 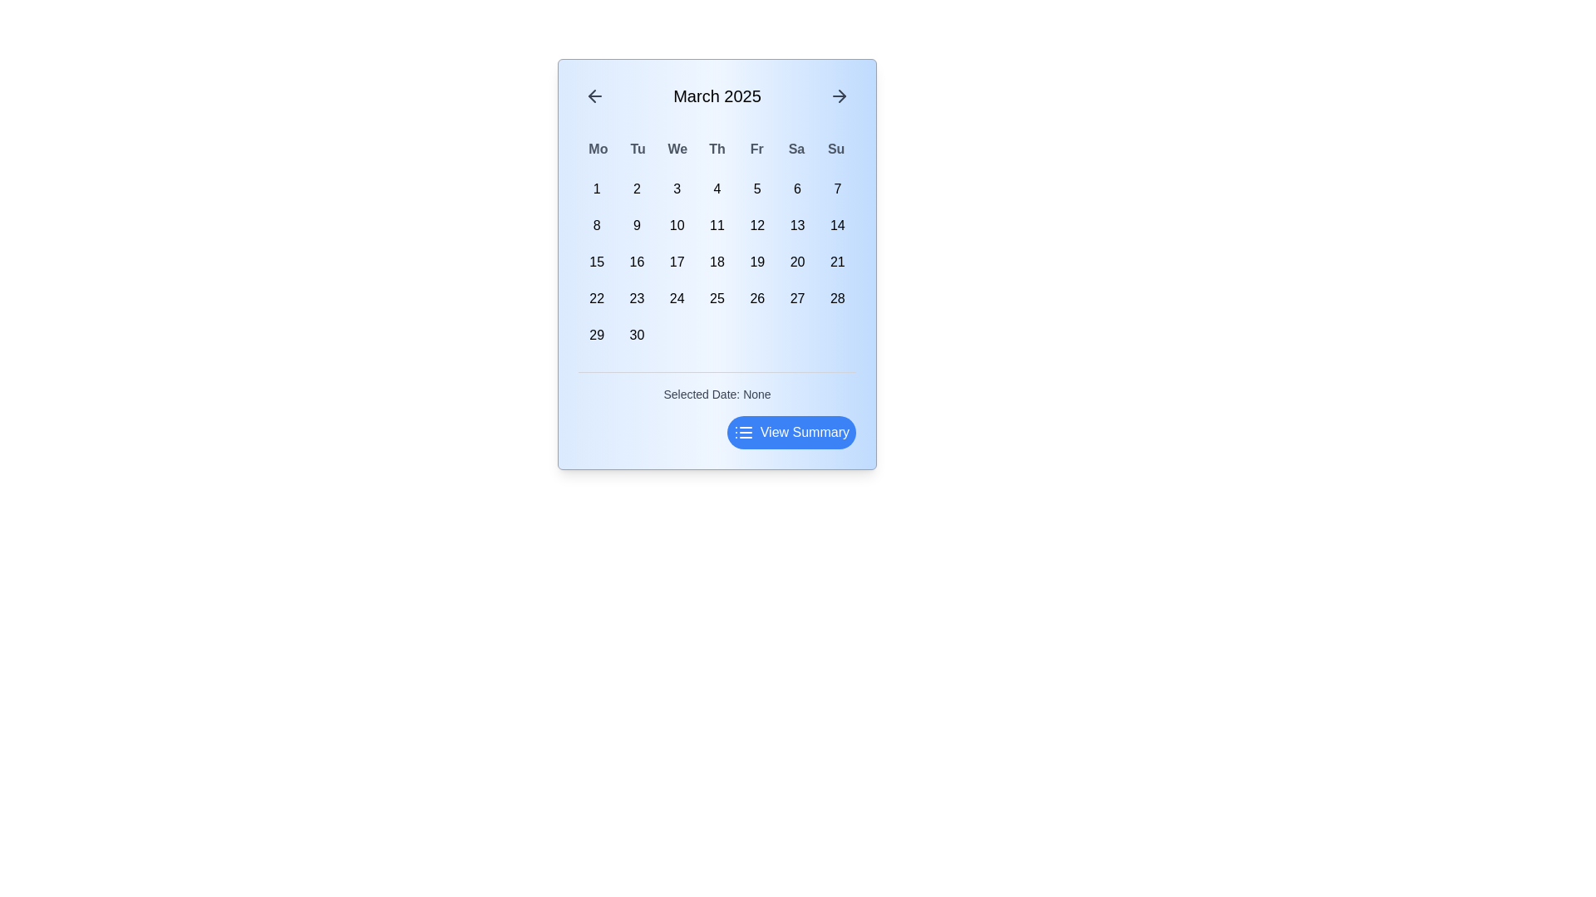 What do you see at coordinates (717, 262) in the screenshot?
I see `a day within the Calendar component displaying 'March 2025'` at bounding box center [717, 262].